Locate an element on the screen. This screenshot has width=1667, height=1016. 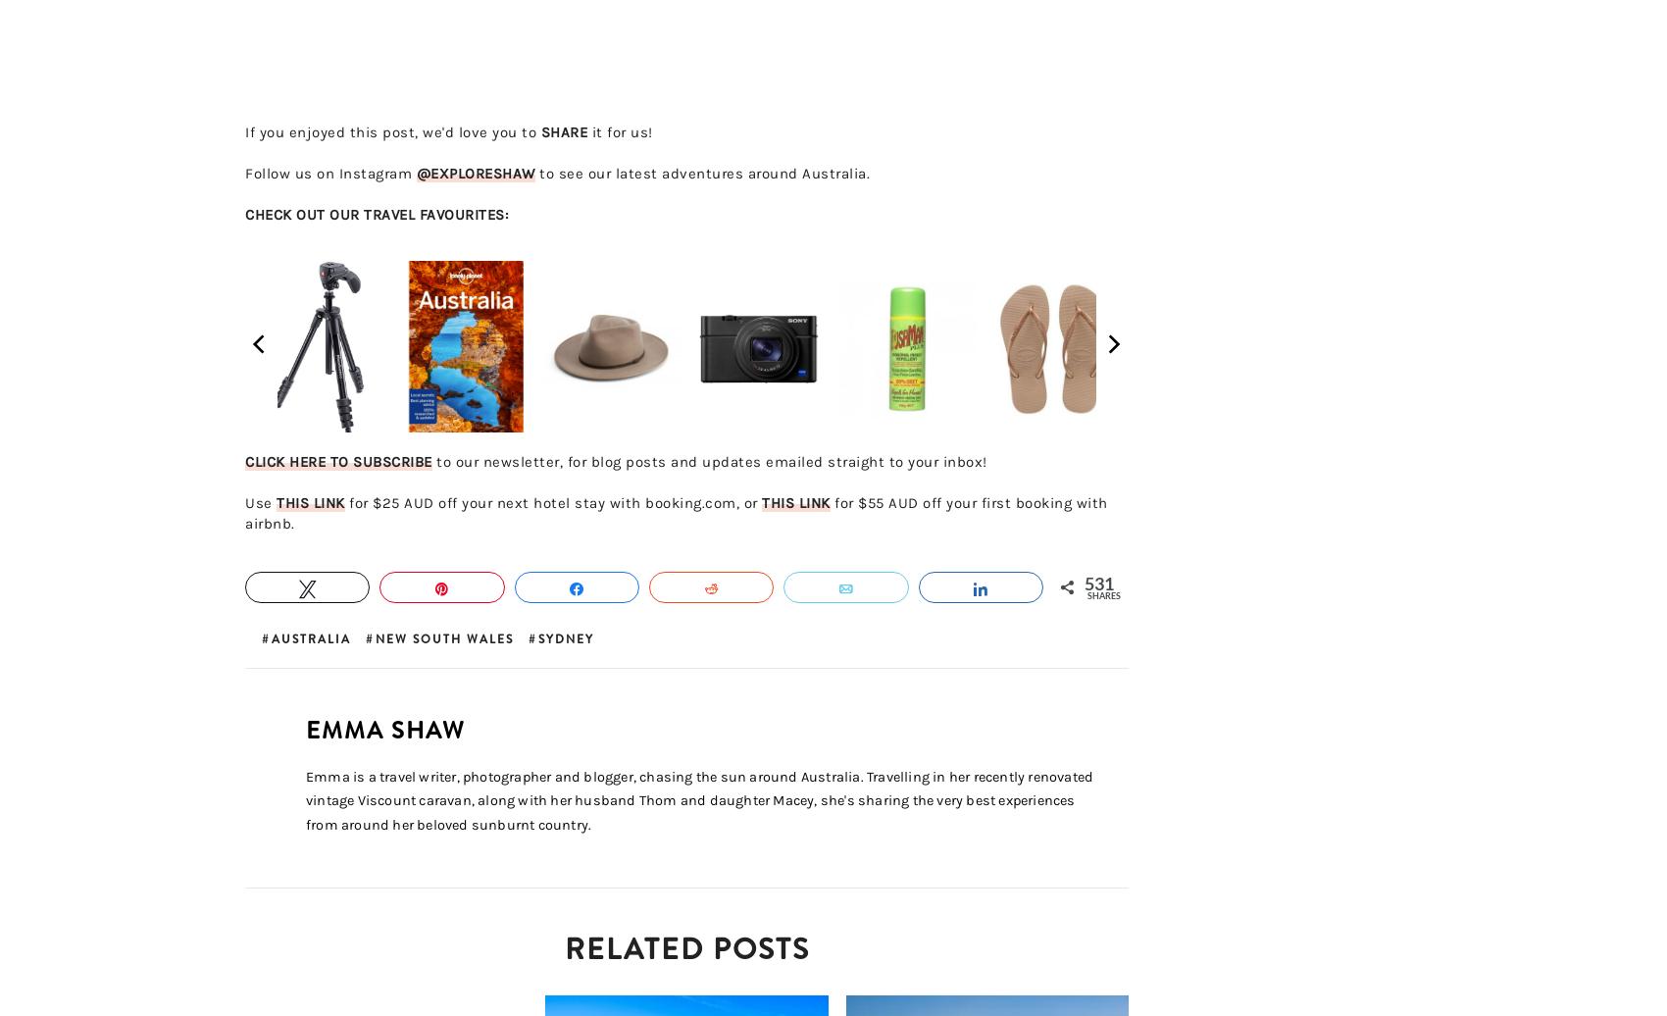
'Australia' is located at coordinates (311, 638).